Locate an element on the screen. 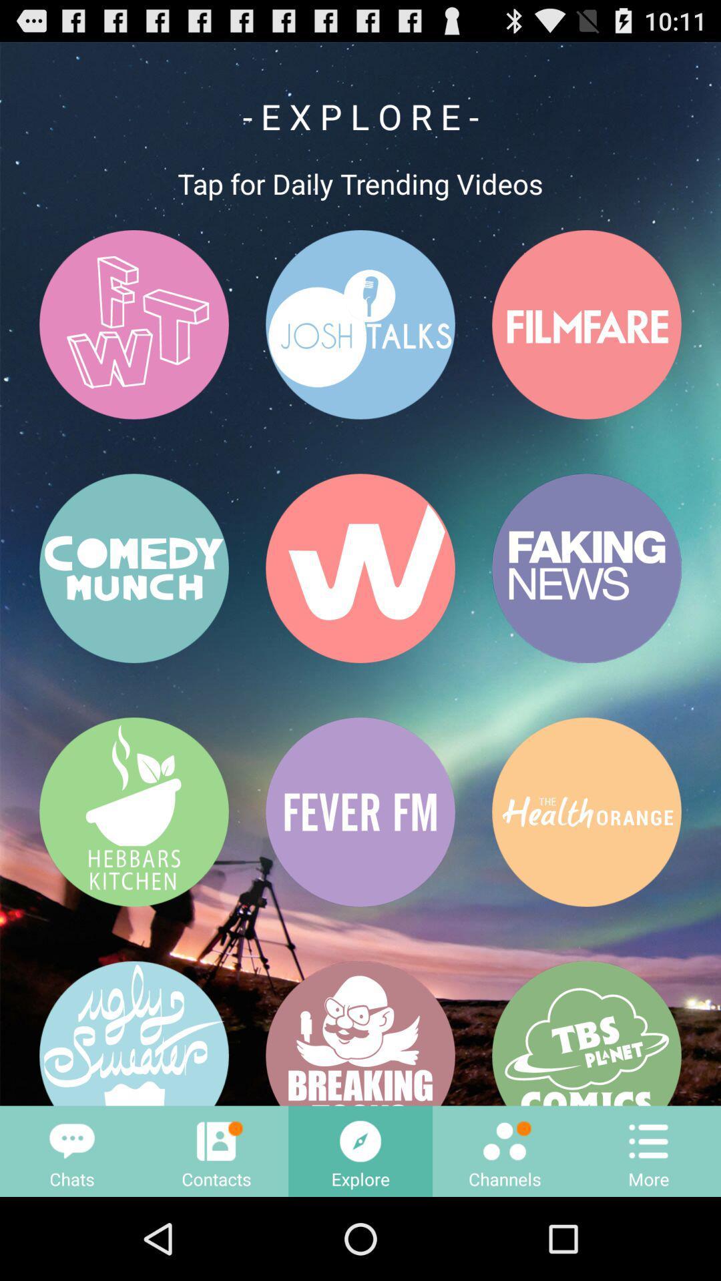 This screenshot has width=721, height=1281. the button that having a text breaking is located at coordinates (360, 1033).